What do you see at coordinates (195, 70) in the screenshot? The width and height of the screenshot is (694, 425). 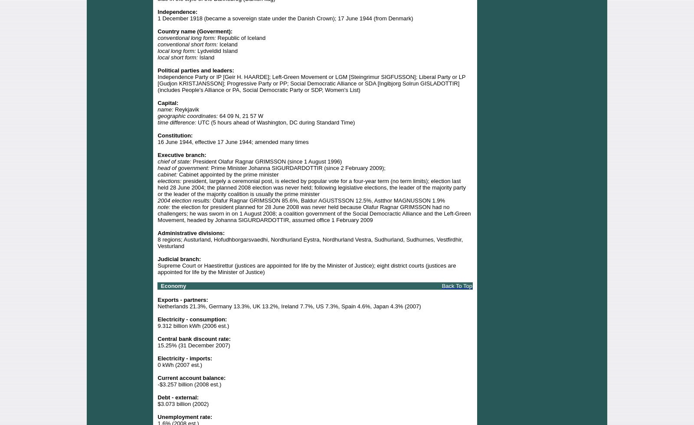 I see `'Political parties and leaders:'` at bounding box center [195, 70].